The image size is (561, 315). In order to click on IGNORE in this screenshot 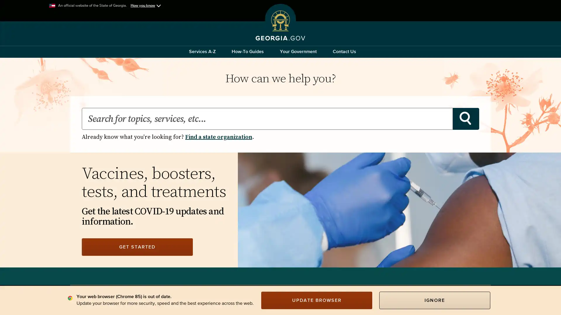, I will do `click(435, 300)`.